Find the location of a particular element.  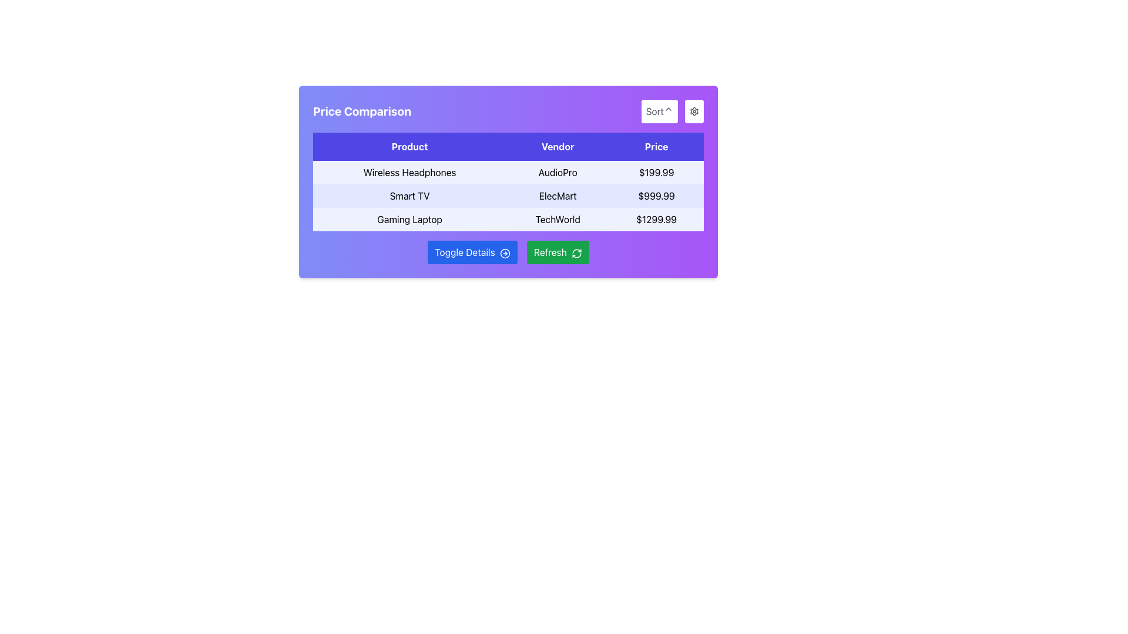

the 'Vendor' text label, which is the second header in a row of three headers on a blue background, located near the top of the table under the 'Price Comparison' title is located at coordinates (557, 146).